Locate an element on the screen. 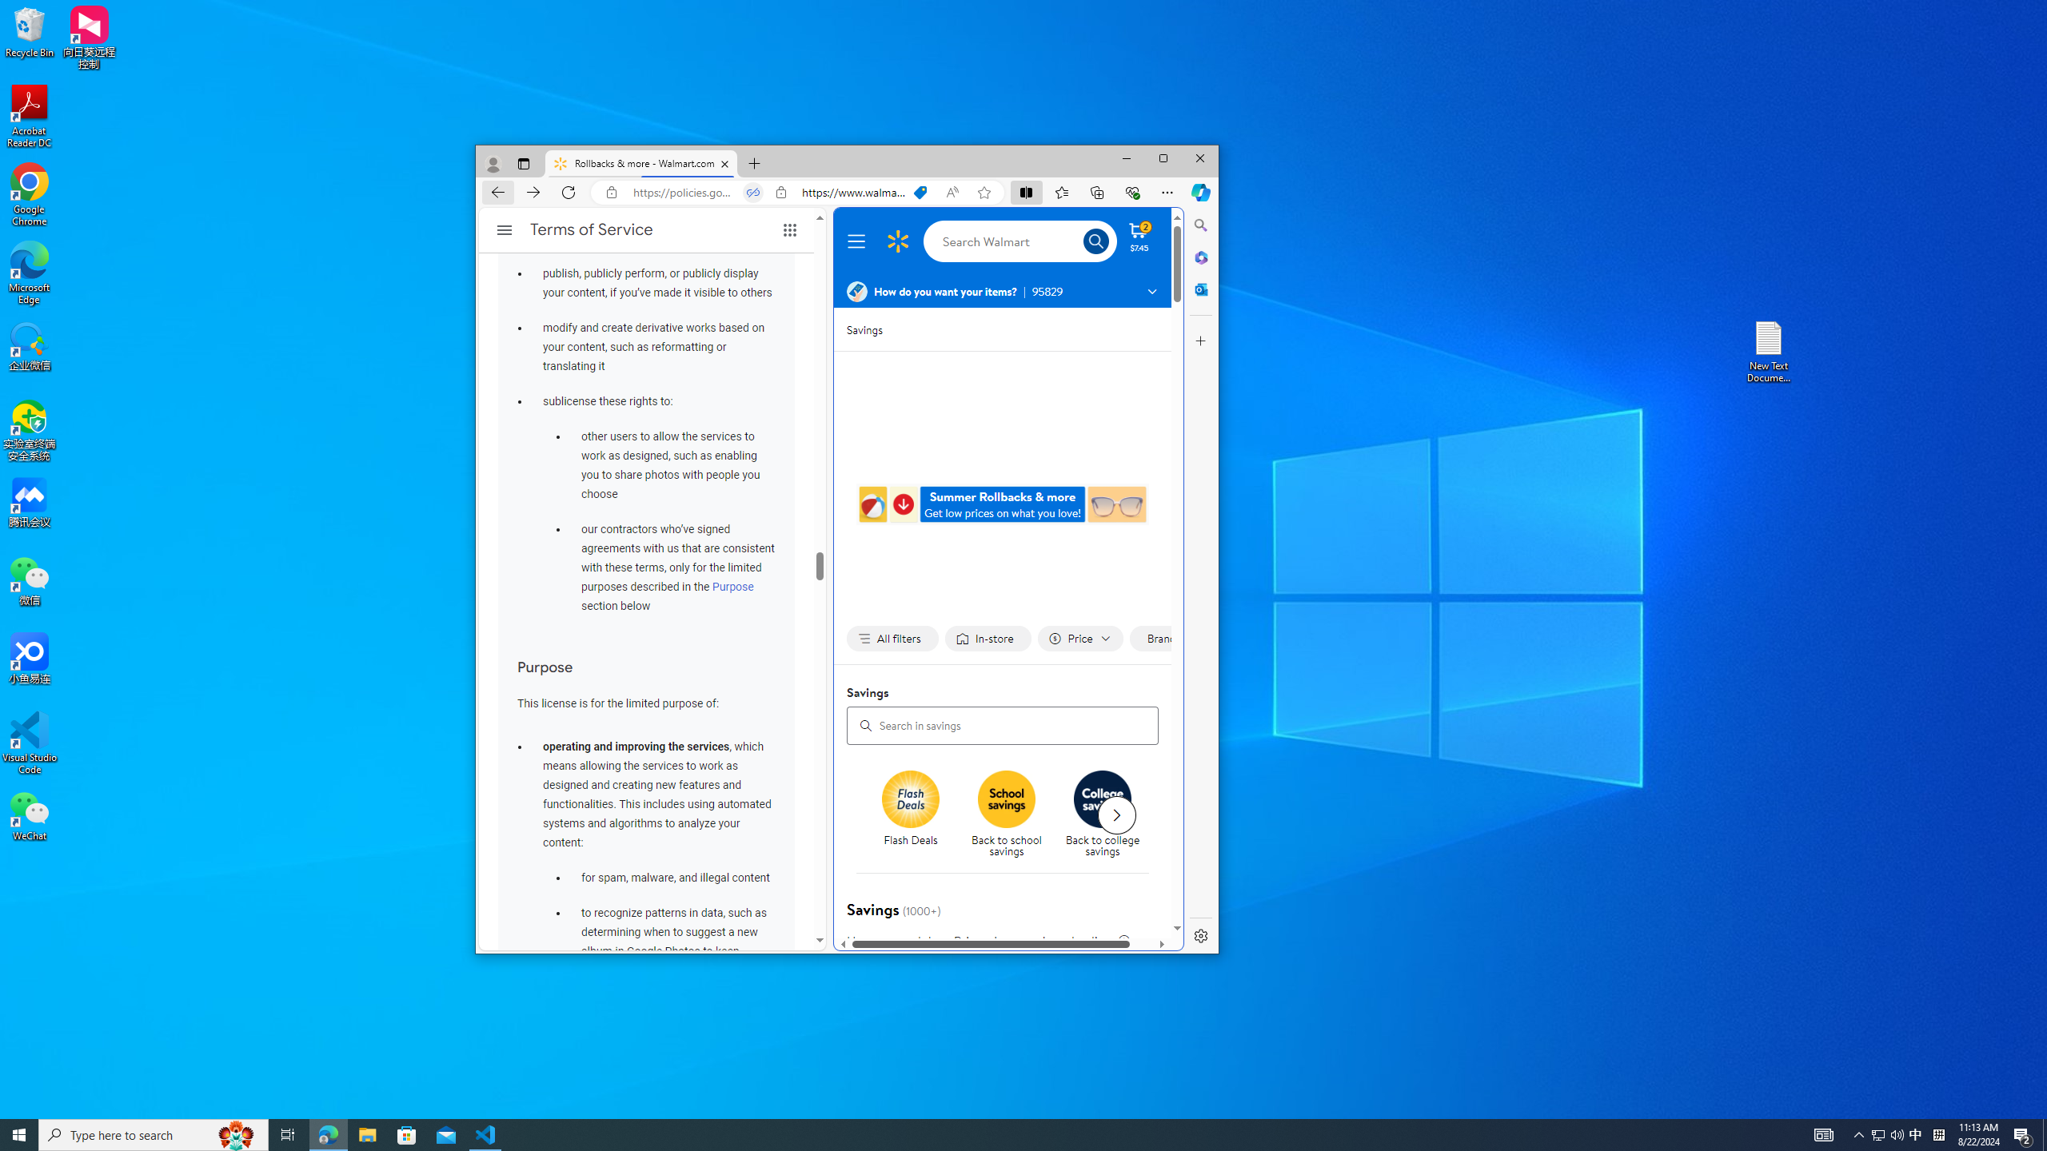 The height and width of the screenshot is (1151, 2047). 'Task View' is located at coordinates (286, 1133).